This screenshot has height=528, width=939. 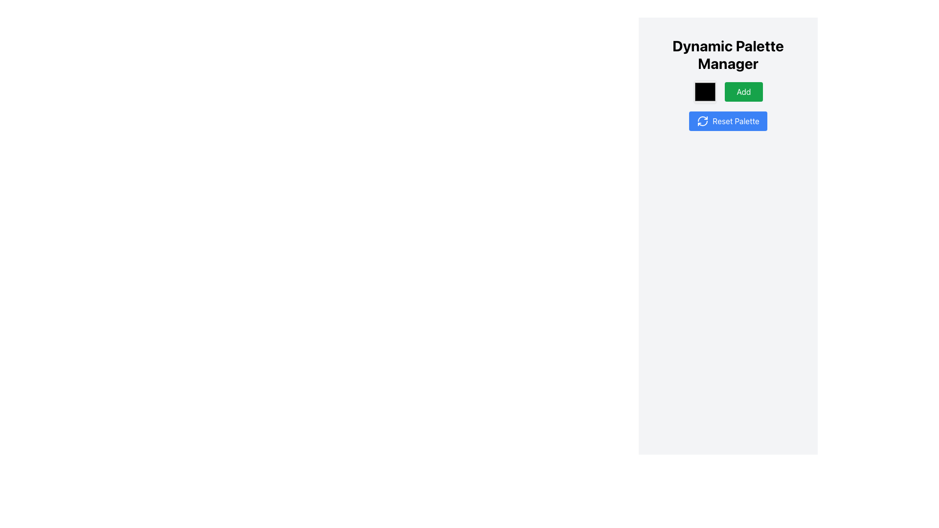 I want to click on the 'Add' button located under the 'Dynamic Palette Manager' heading, so click(x=743, y=92).